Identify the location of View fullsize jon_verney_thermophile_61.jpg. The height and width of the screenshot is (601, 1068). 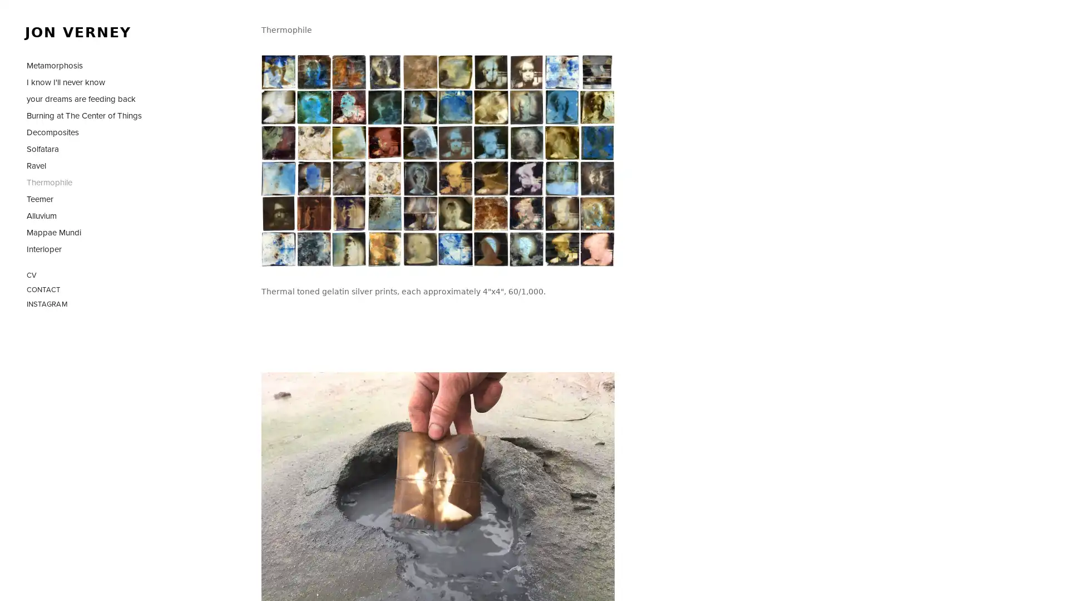
(278, 178).